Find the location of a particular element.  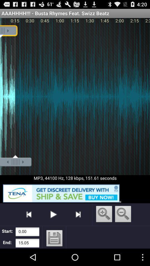

the zoom_out icon is located at coordinates (123, 230).